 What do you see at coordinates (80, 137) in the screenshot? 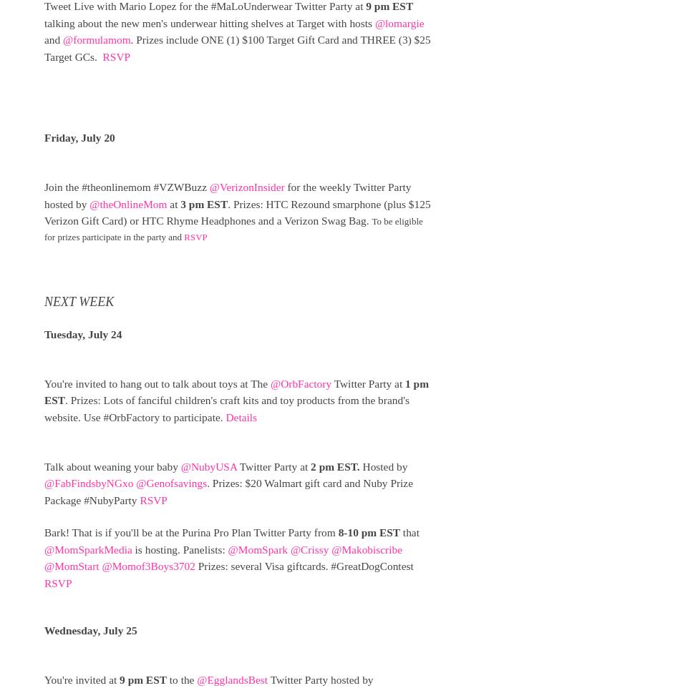
I see `'Friday, July 20'` at bounding box center [80, 137].